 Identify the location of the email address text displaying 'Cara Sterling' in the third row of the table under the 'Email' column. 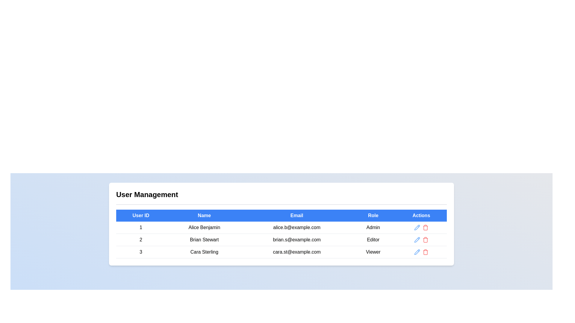
(297, 252).